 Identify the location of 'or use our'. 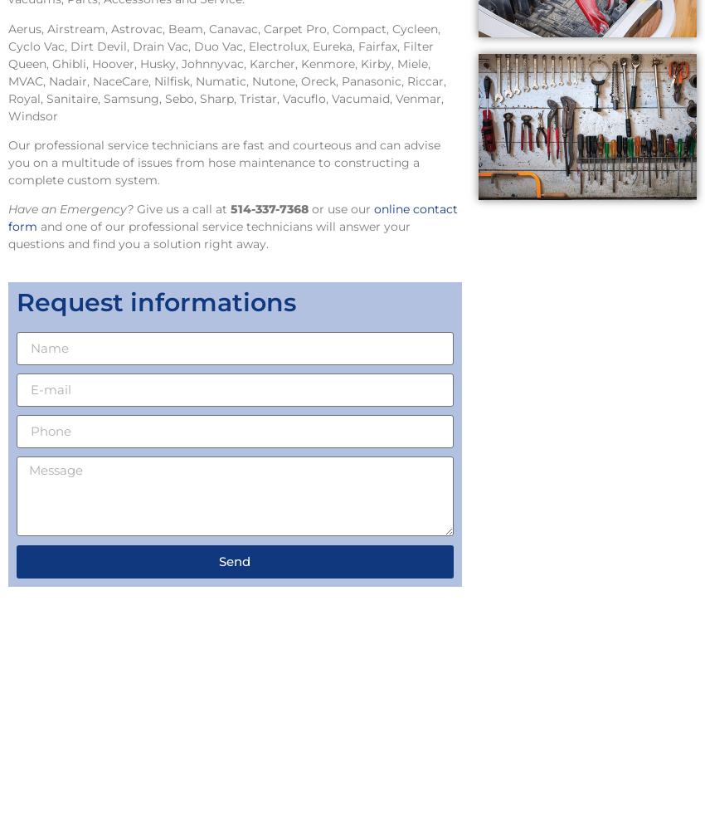
(307, 209).